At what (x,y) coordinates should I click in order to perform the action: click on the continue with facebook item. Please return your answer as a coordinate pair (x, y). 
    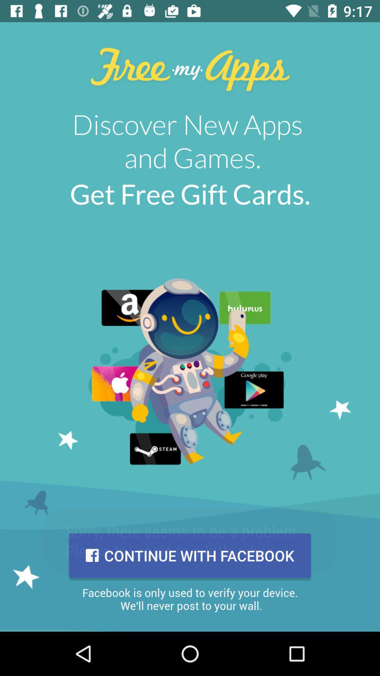
    Looking at the image, I should click on (190, 555).